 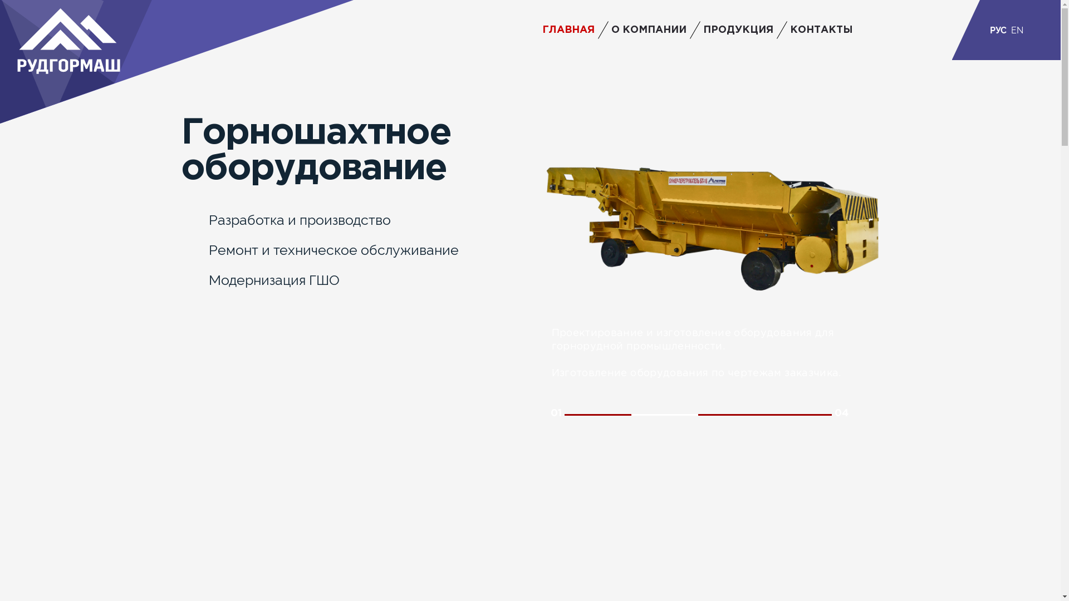 What do you see at coordinates (798, 415) in the screenshot?
I see `'4'` at bounding box center [798, 415].